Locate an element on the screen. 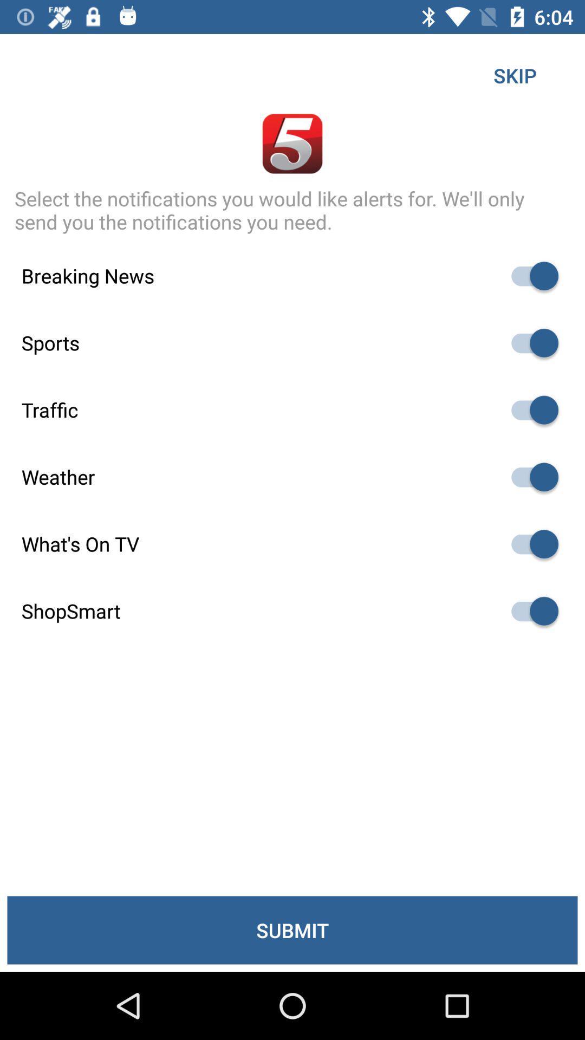 This screenshot has width=585, height=1040. turn off notification is located at coordinates (529, 611).